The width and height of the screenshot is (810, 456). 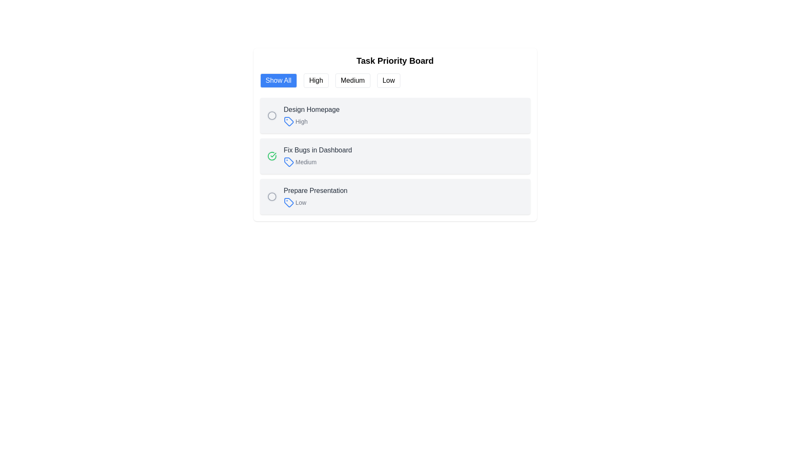 I want to click on the 'Low' button, which is the fourth button in a horizontal group, to trigger any potential tooltip or styling effects, so click(x=388, y=81).